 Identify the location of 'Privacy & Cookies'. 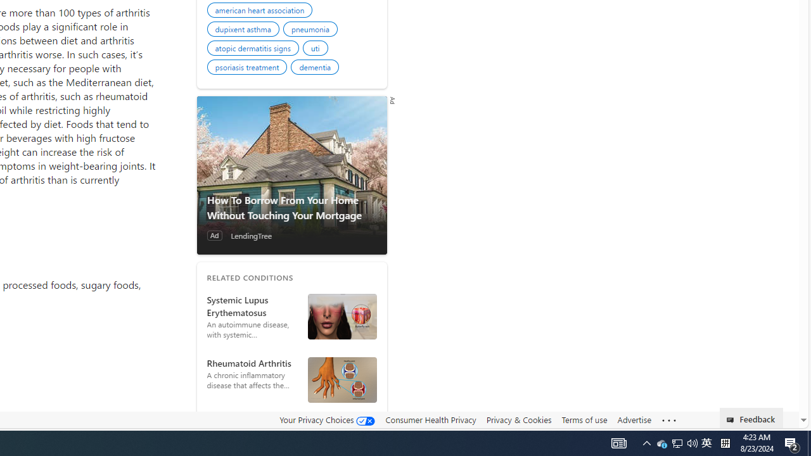
(518, 419).